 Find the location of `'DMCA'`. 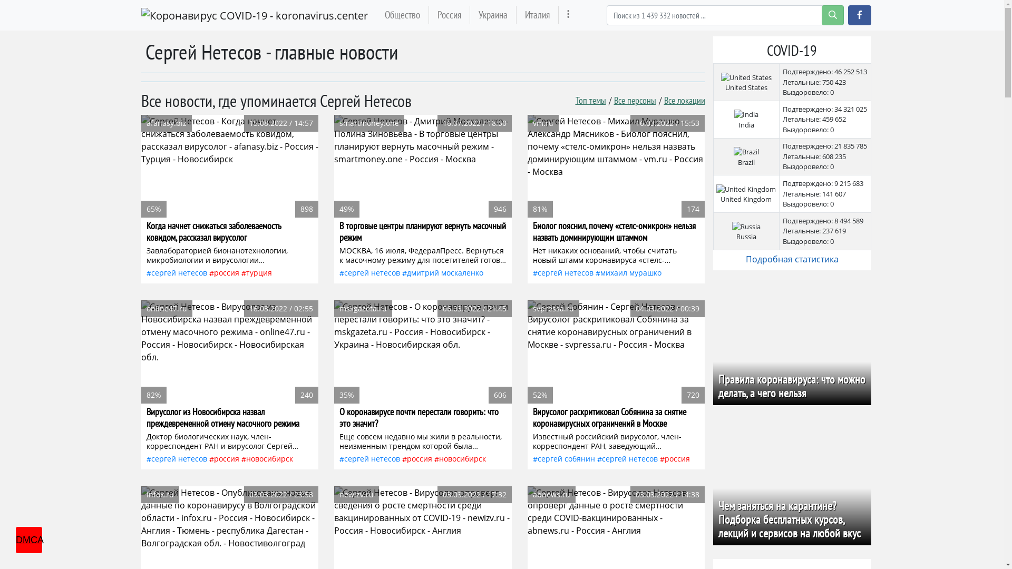

'DMCA' is located at coordinates (28, 540).